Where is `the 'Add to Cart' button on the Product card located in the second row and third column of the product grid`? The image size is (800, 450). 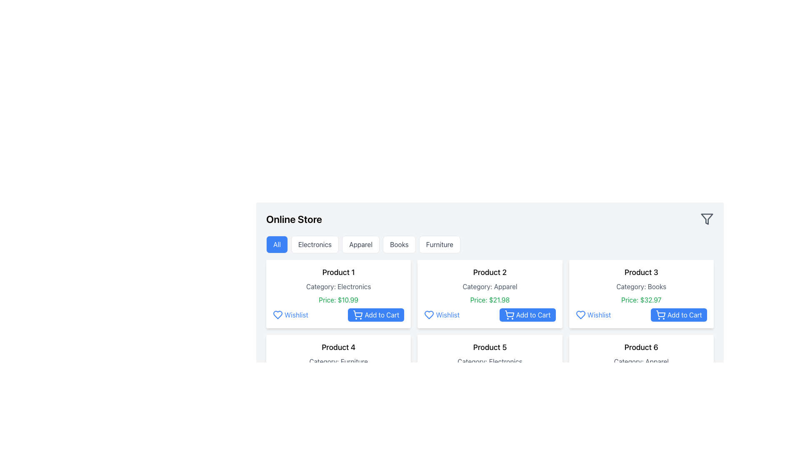 the 'Add to Cart' button on the Product card located in the second row and third column of the product grid is located at coordinates (641, 369).